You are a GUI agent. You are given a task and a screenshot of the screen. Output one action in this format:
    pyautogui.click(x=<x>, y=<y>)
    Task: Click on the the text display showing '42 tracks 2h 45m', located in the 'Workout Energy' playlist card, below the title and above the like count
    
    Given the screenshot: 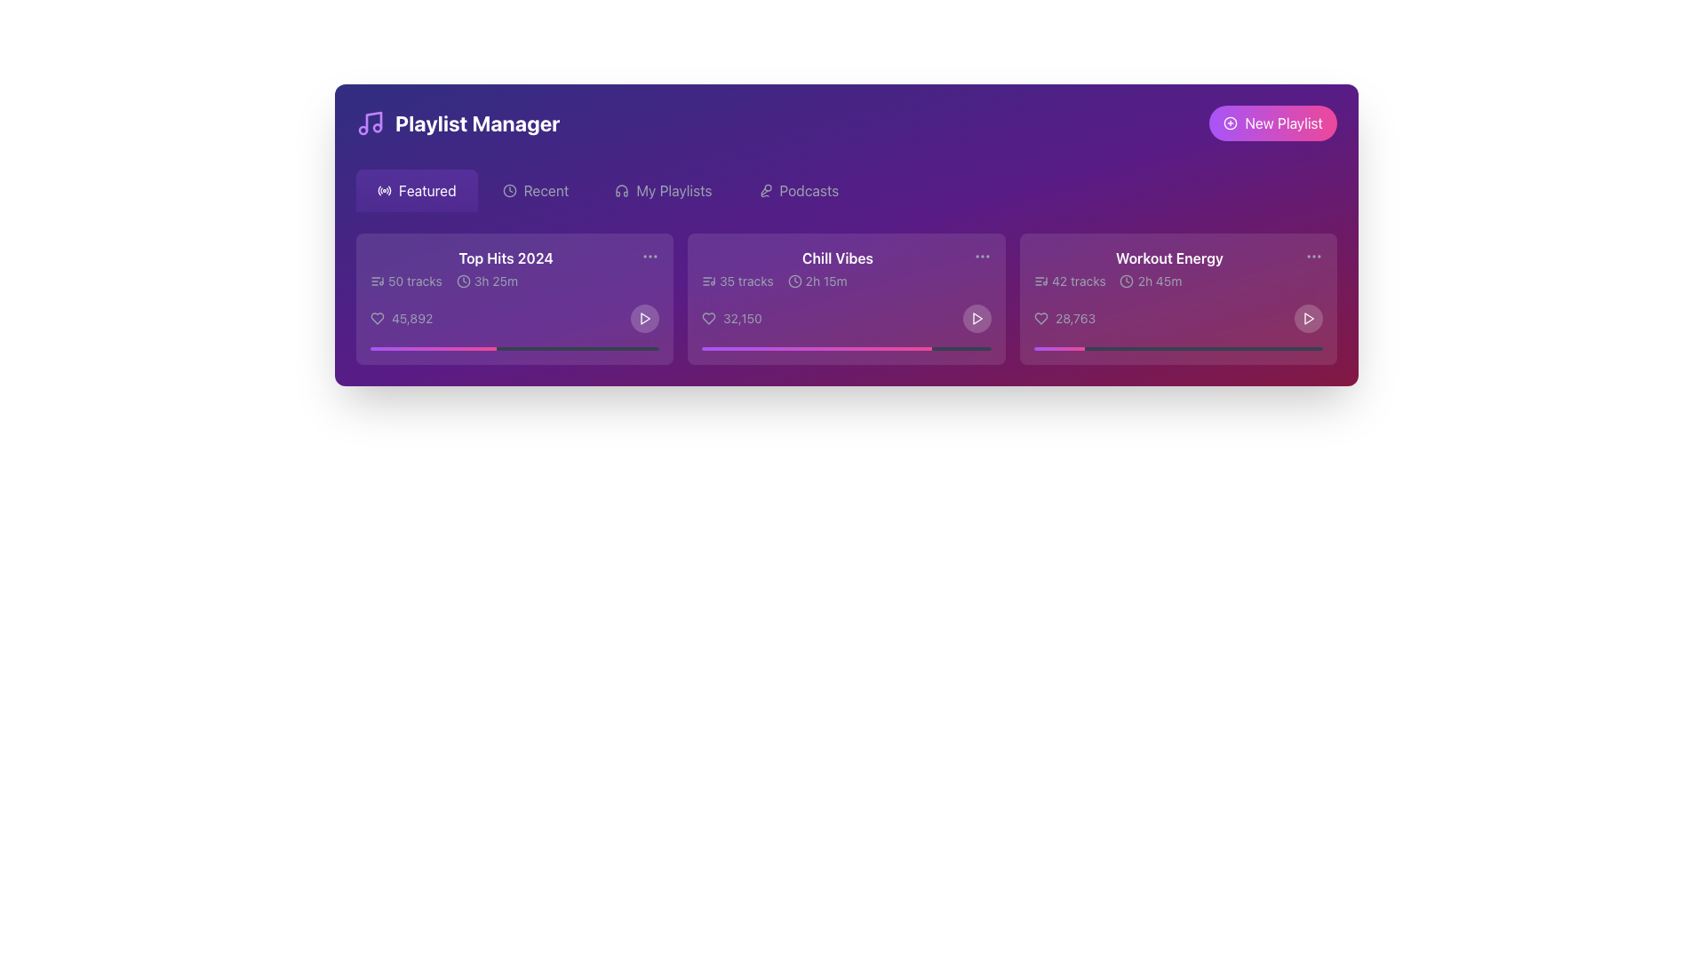 What is the action you would take?
    pyautogui.click(x=1169, y=280)
    